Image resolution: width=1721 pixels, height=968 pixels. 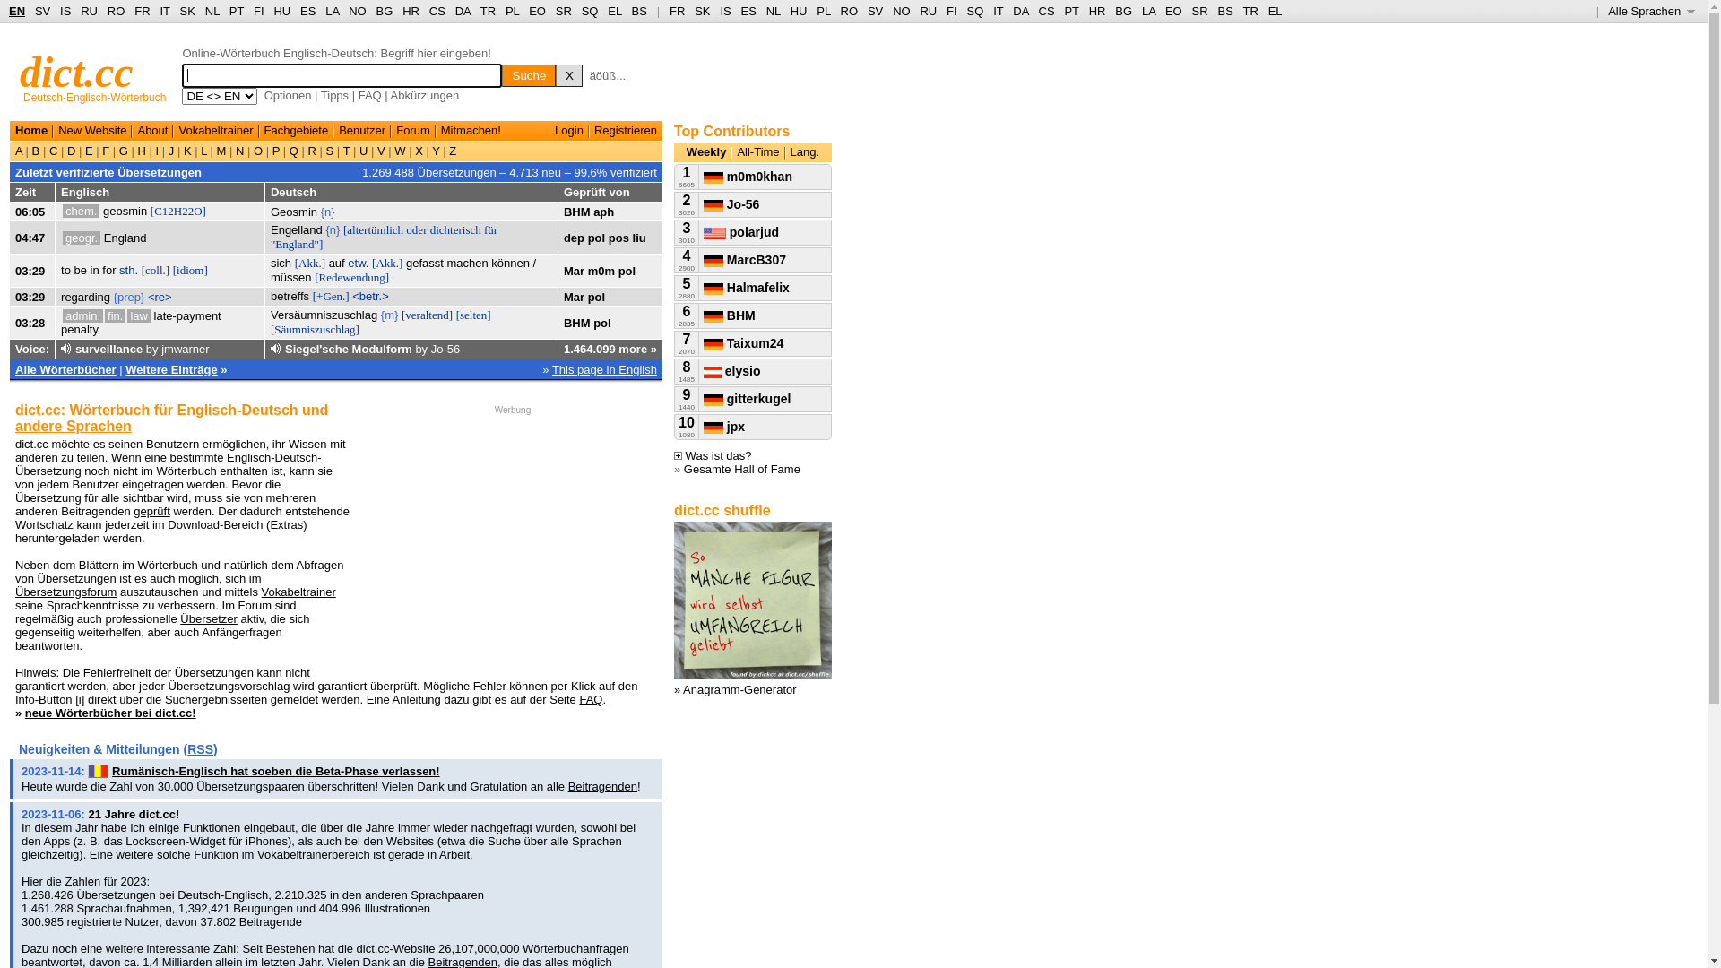 What do you see at coordinates (614, 11) in the screenshot?
I see `'EL'` at bounding box center [614, 11].